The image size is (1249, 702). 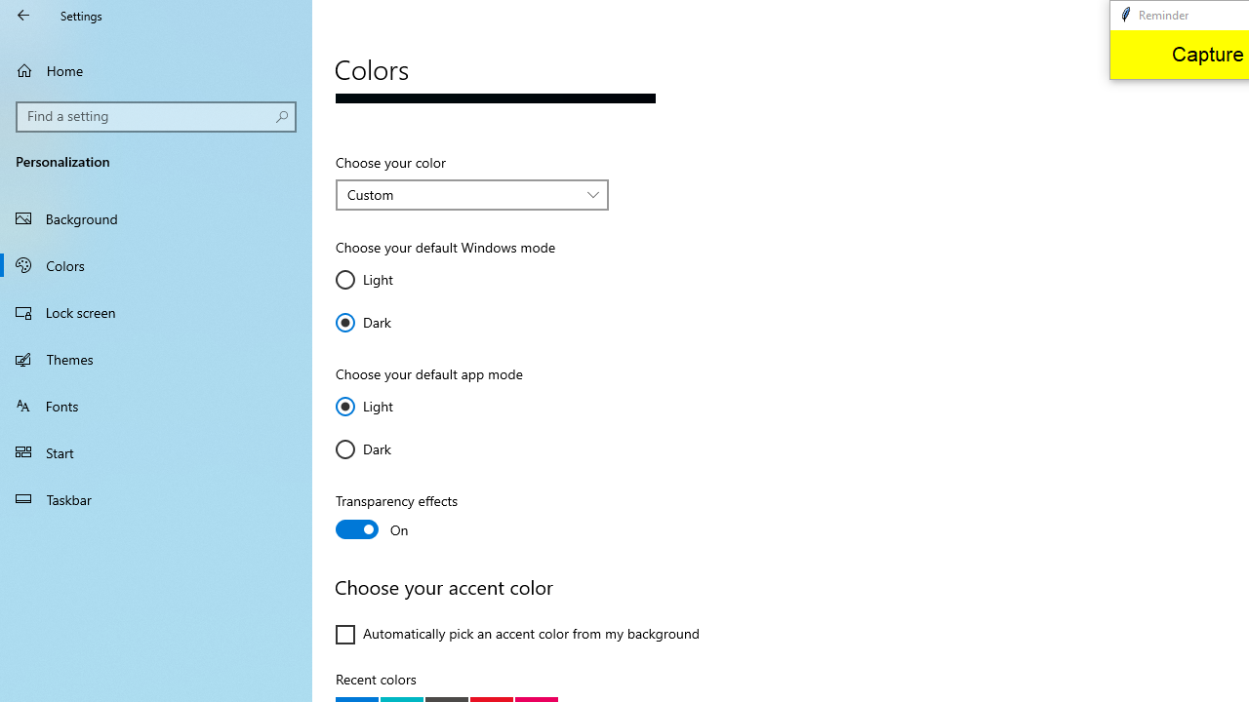 What do you see at coordinates (156, 497) in the screenshot?
I see `'Taskbar'` at bounding box center [156, 497].